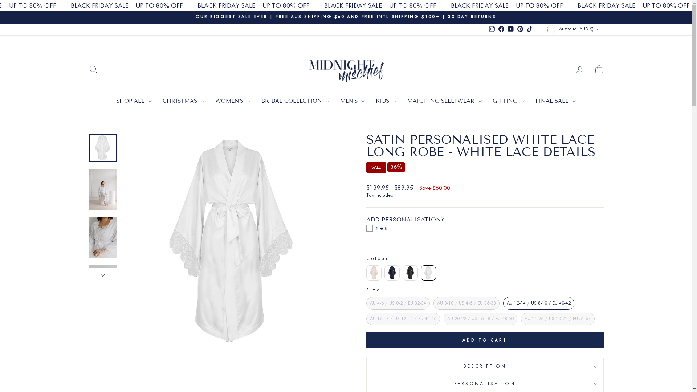 The height and width of the screenshot is (392, 697). Describe the element at coordinates (487, 29) in the screenshot. I see `'instagram` at that location.